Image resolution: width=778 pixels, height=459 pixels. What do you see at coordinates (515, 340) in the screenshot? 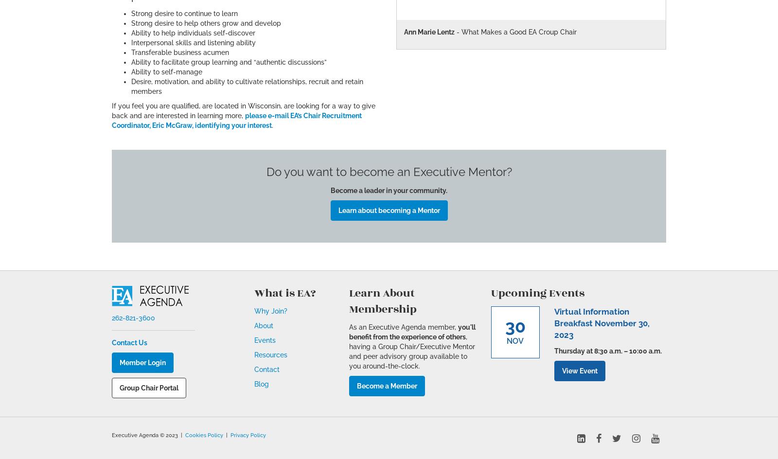
I see `'Nov'` at bounding box center [515, 340].